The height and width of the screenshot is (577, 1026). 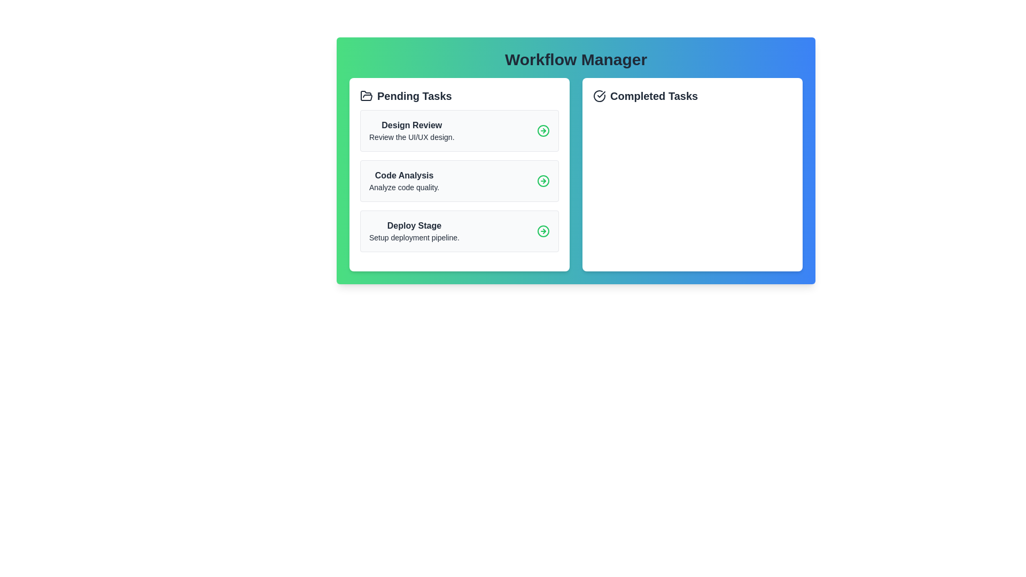 What do you see at coordinates (414, 225) in the screenshot?
I see `the bold text label 'Deploy Stage' located in the 'Pending Tasks' section of the 'Workflow Manager' interface, which is the title text at the top of the third task in the list` at bounding box center [414, 225].